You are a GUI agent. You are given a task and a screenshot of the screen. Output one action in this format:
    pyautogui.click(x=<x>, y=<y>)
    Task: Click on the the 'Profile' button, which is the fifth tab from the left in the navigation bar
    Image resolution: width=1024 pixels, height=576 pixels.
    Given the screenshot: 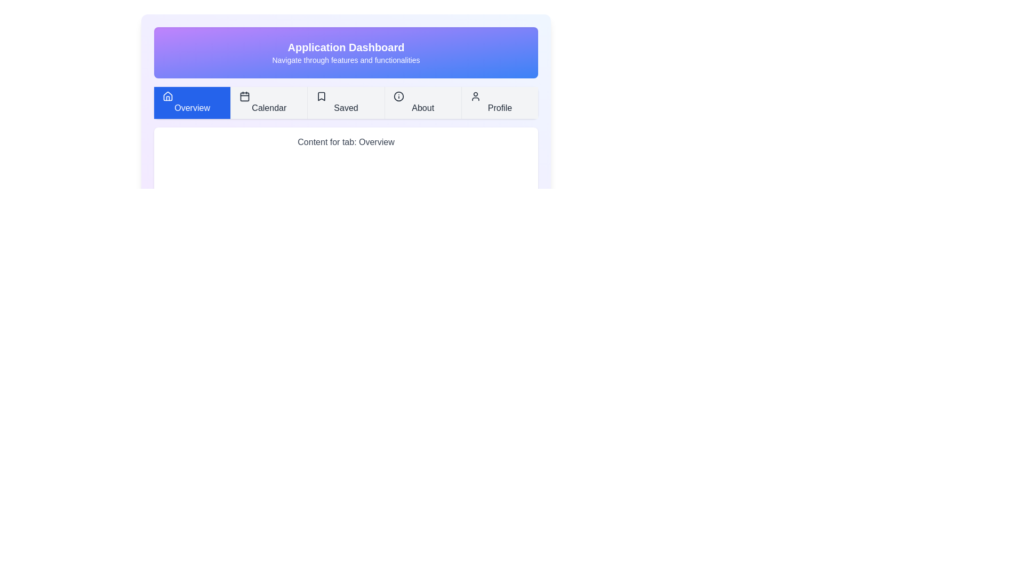 What is the action you would take?
    pyautogui.click(x=499, y=102)
    